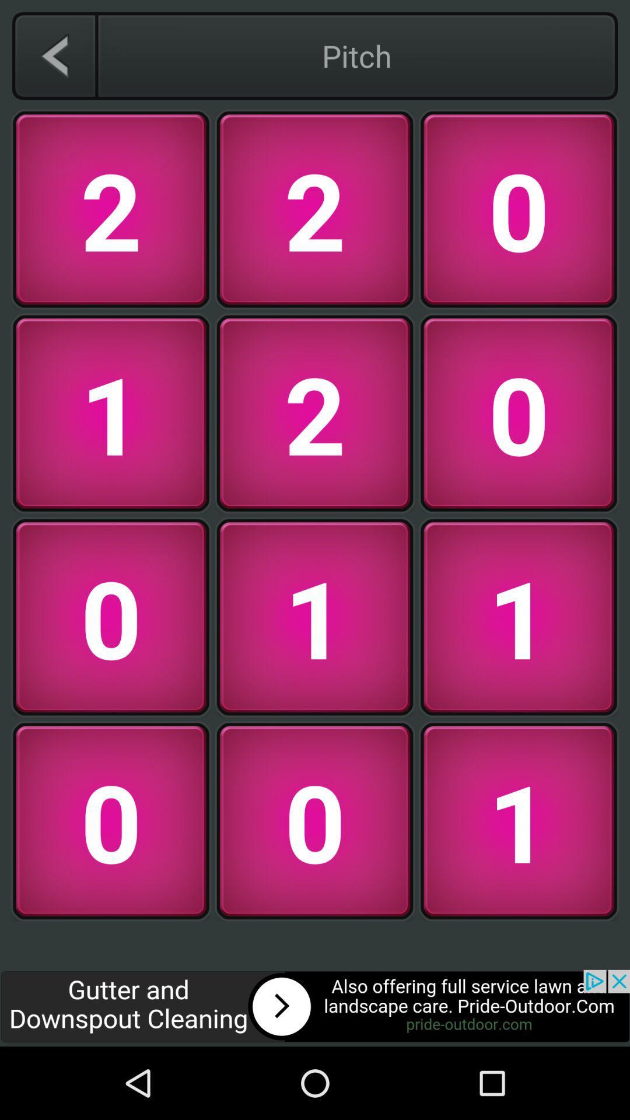 Image resolution: width=630 pixels, height=1120 pixels. Describe the element at coordinates (315, 1007) in the screenshot. I see `the icon below 0` at that location.